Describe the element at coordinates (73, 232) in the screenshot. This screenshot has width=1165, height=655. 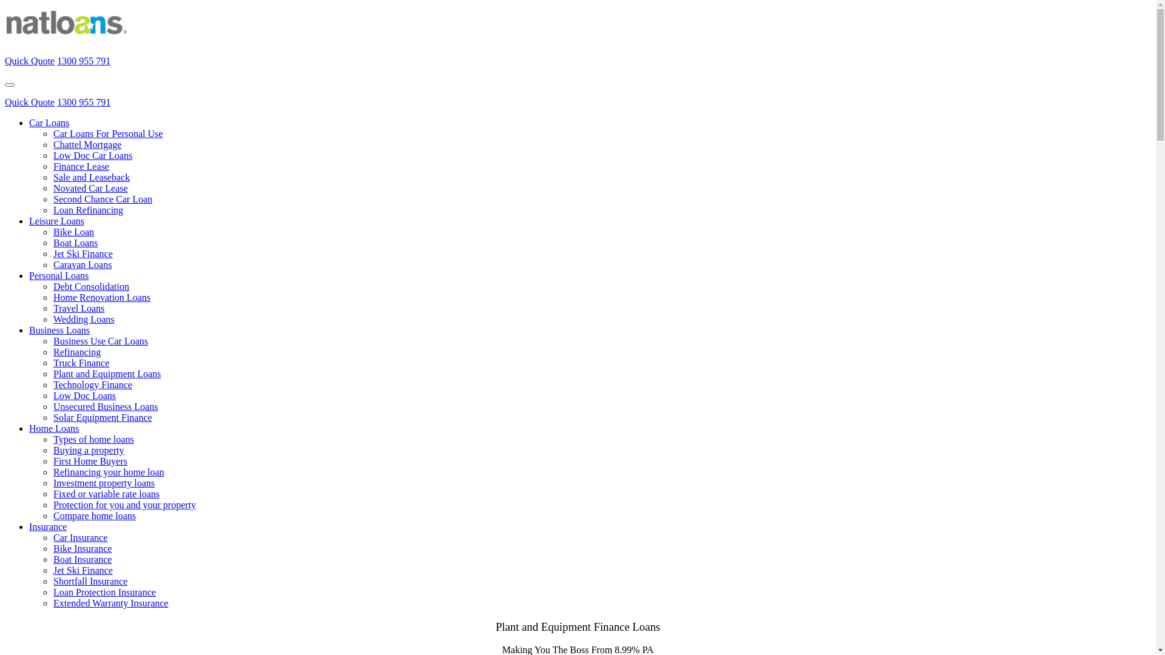
I see `'Bike Loan'` at that location.